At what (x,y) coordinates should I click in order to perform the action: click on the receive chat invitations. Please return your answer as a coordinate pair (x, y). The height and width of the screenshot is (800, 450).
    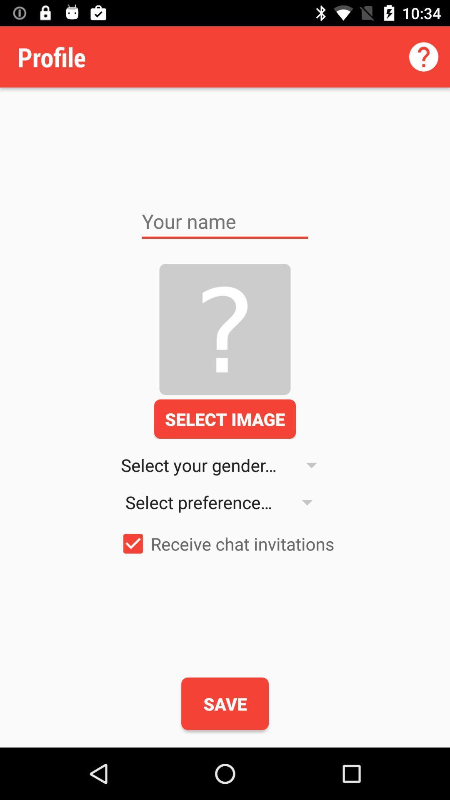
    Looking at the image, I should click on (225, 544).